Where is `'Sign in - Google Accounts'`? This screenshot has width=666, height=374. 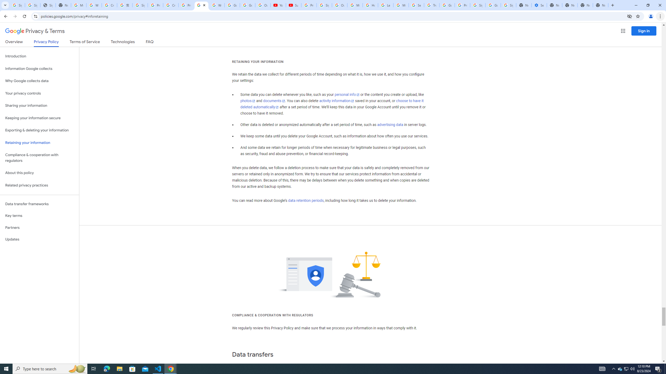 'Sign in - Google Accounts' is located at coordinates (17, 5).